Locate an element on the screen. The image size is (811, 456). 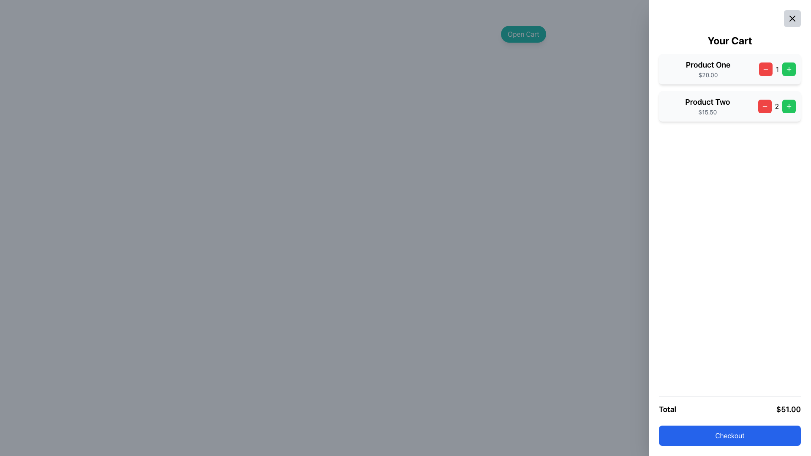
the text display element showing 'Product One' with the price '$20.00', located at the top of the cart list is located at coordinates (708, 69).